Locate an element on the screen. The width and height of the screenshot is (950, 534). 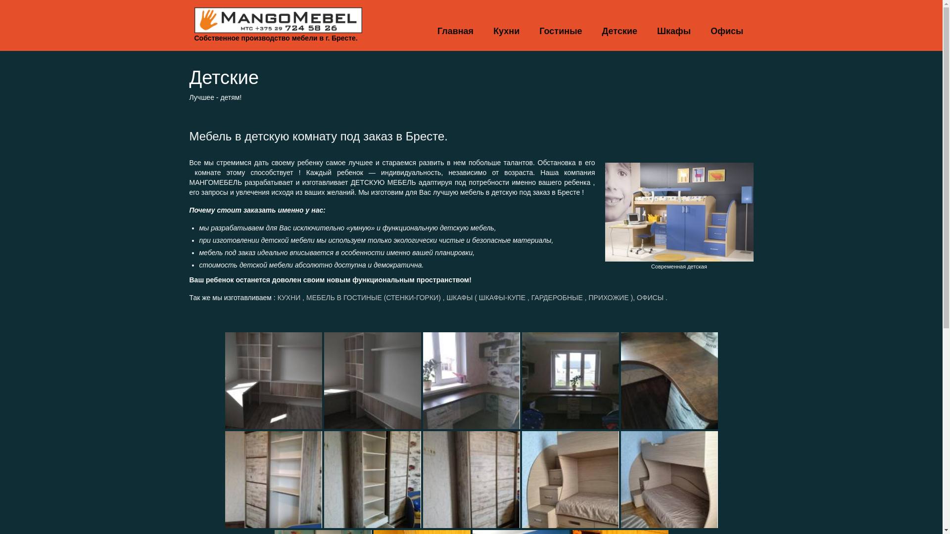
'detskaja-sovremennaja' is located at coordinates (678, 211).